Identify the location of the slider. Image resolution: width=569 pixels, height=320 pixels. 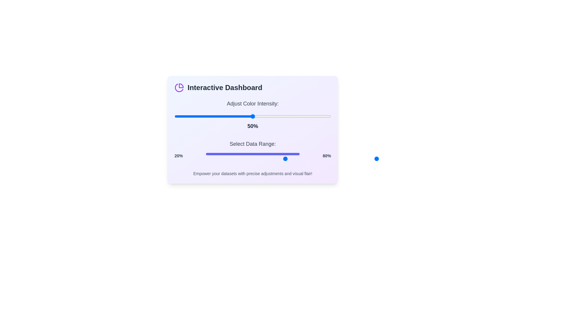
(192, 116).